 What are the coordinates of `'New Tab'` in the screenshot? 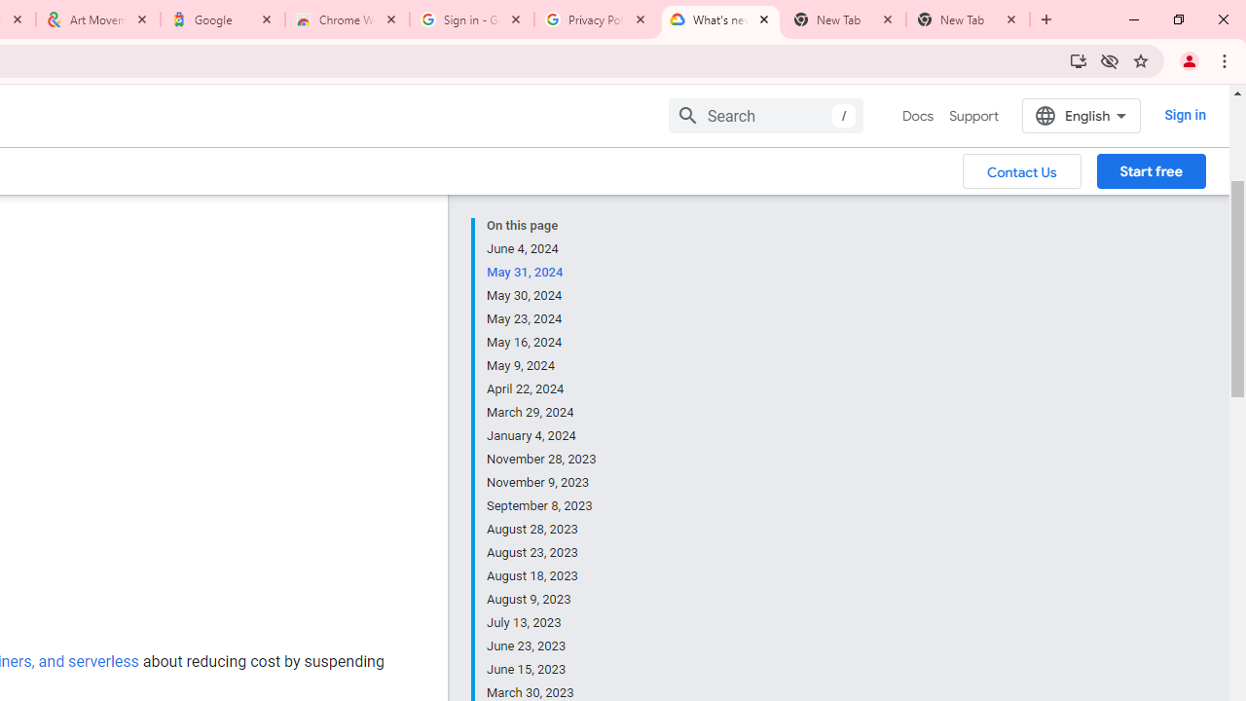 It's located at (968, 19).